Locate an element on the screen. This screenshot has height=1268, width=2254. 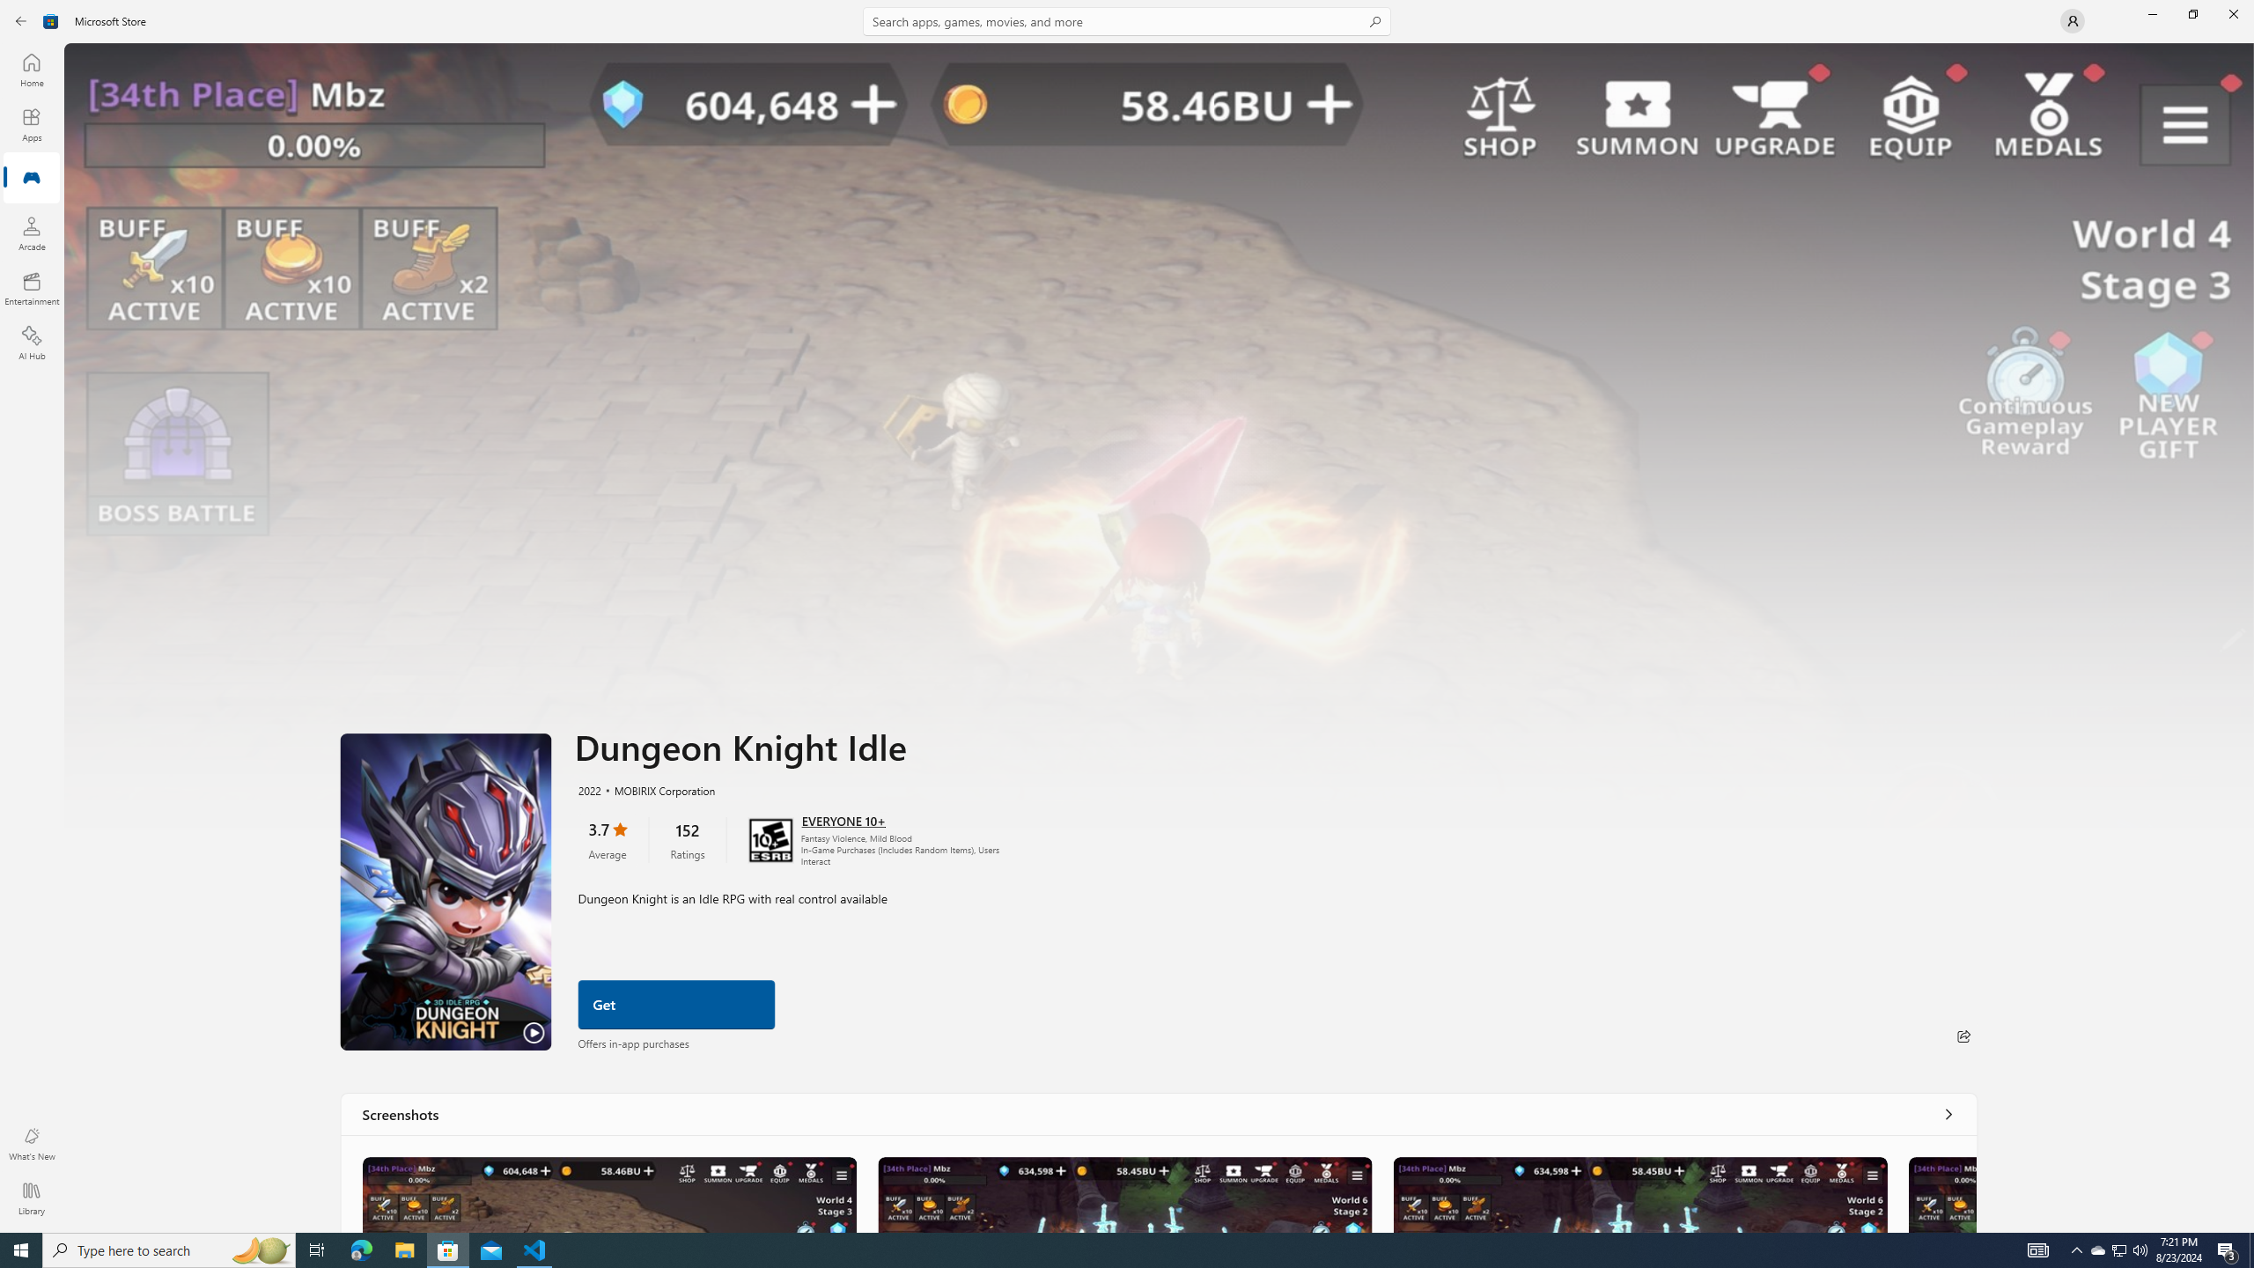
'See all' is located at coordinates (1948, 1113).